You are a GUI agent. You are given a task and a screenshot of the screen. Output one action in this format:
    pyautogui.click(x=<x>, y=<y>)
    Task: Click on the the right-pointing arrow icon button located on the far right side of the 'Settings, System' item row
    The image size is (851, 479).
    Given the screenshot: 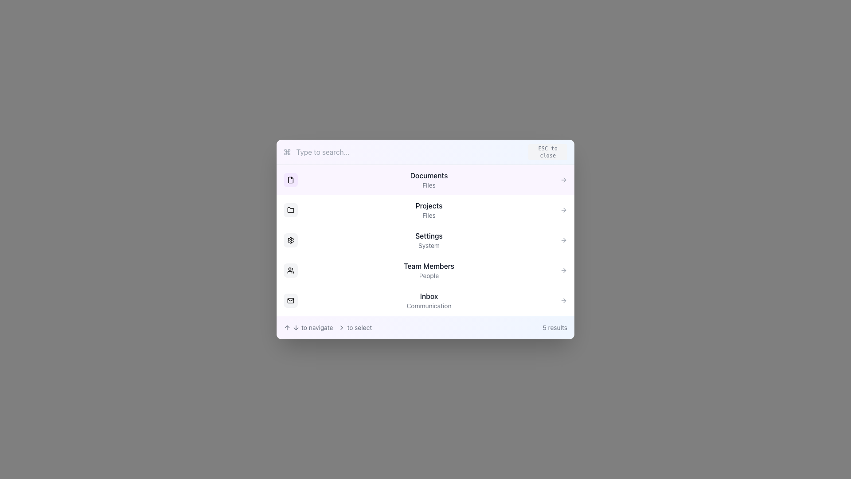 What is the action you would take?
    pyautogui.click(x=563, y=240)
    